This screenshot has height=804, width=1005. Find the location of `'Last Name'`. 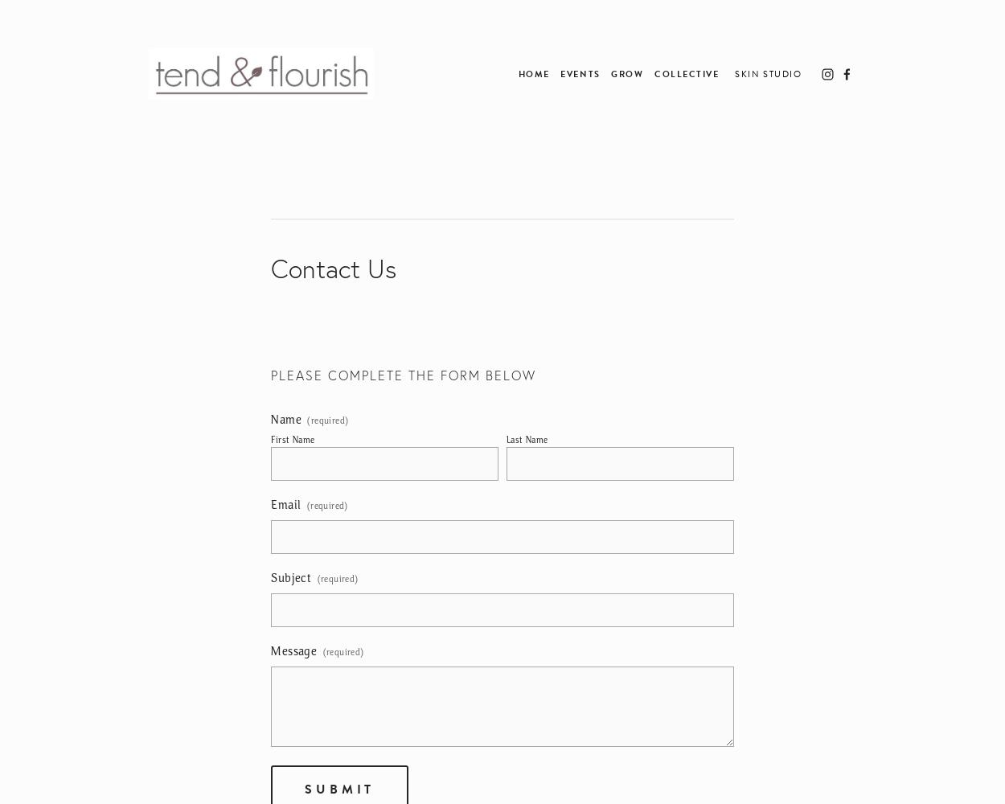

'Last Name' is located at coordinates (506, 440).